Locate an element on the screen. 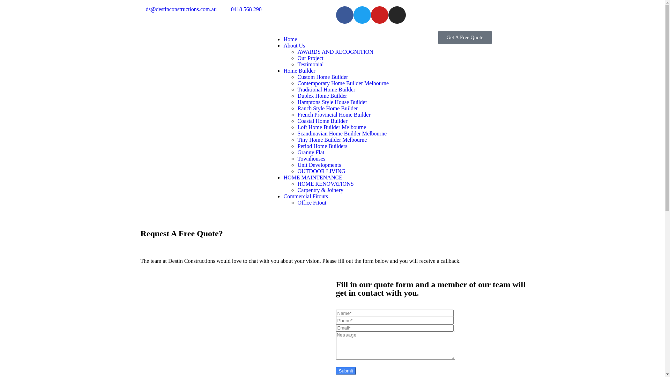  '0418 568 290' is located at coordinates (242, 9).